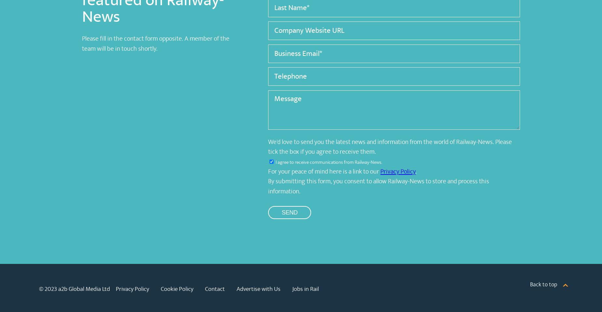 The height and width of the screenshot is (312, 602). Describe the element at coordinates (390, 147) in the screenshot. I see `'We'd love to send you the latest news and information from the world of Railway-News. Please tick the box if you agree to receive them.'` at that location.